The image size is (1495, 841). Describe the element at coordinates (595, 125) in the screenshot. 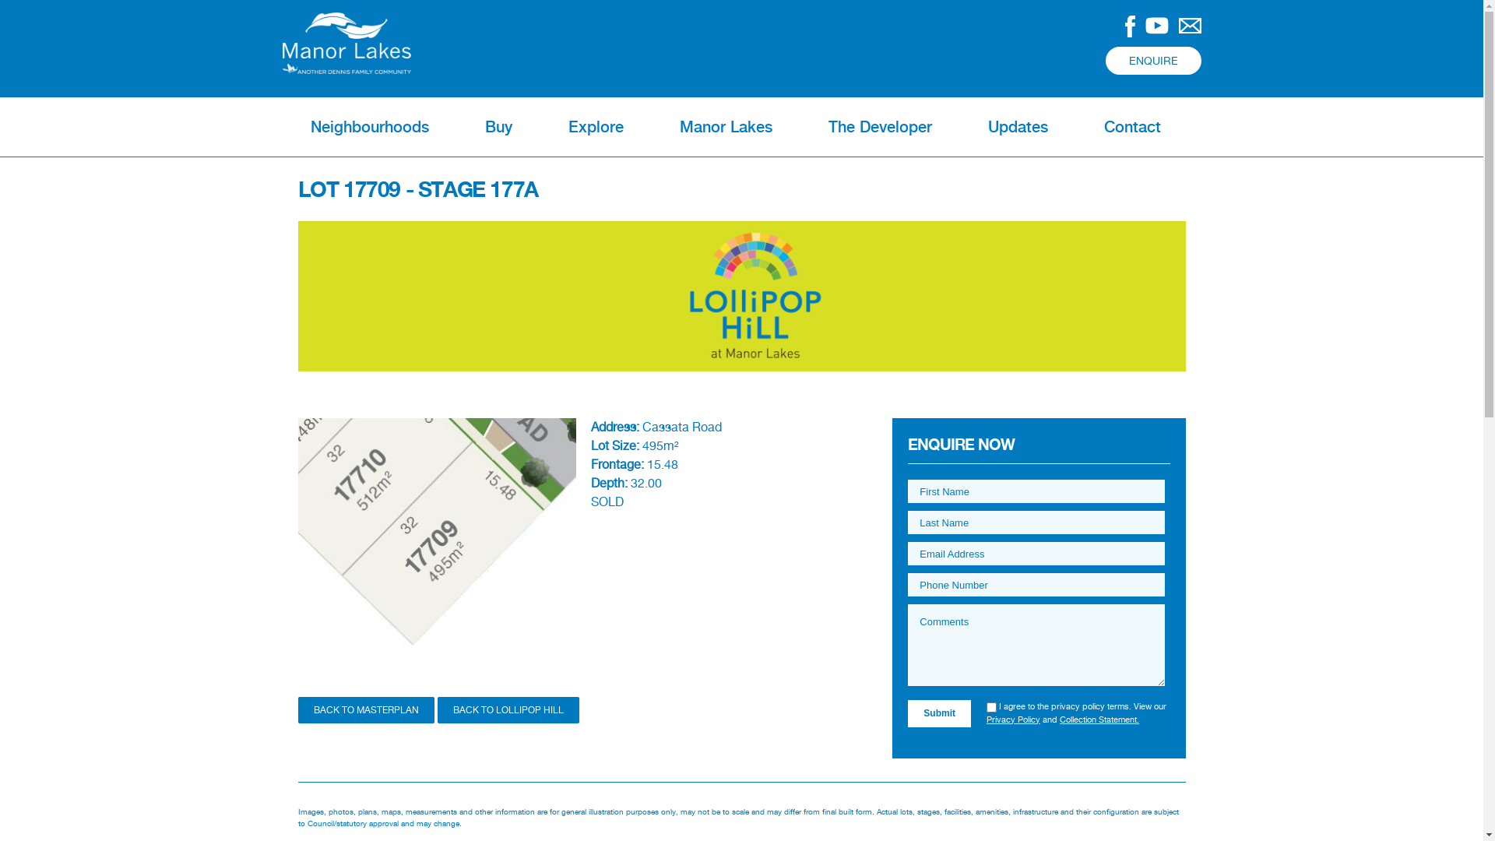

I see `'Explore'` at that location.